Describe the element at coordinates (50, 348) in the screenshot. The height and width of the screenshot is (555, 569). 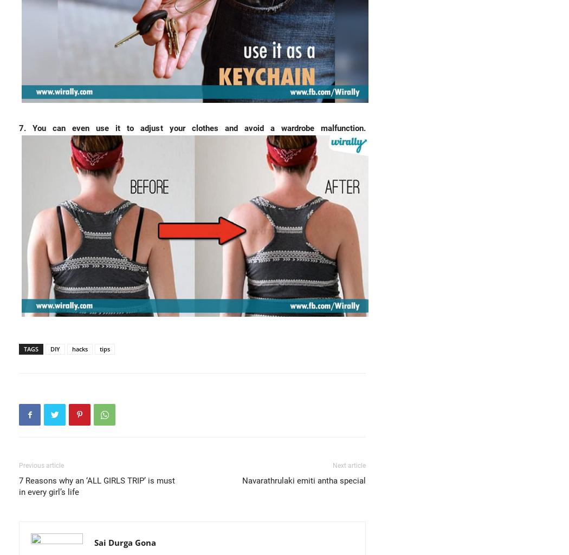
I see `'DIY'` at that location.